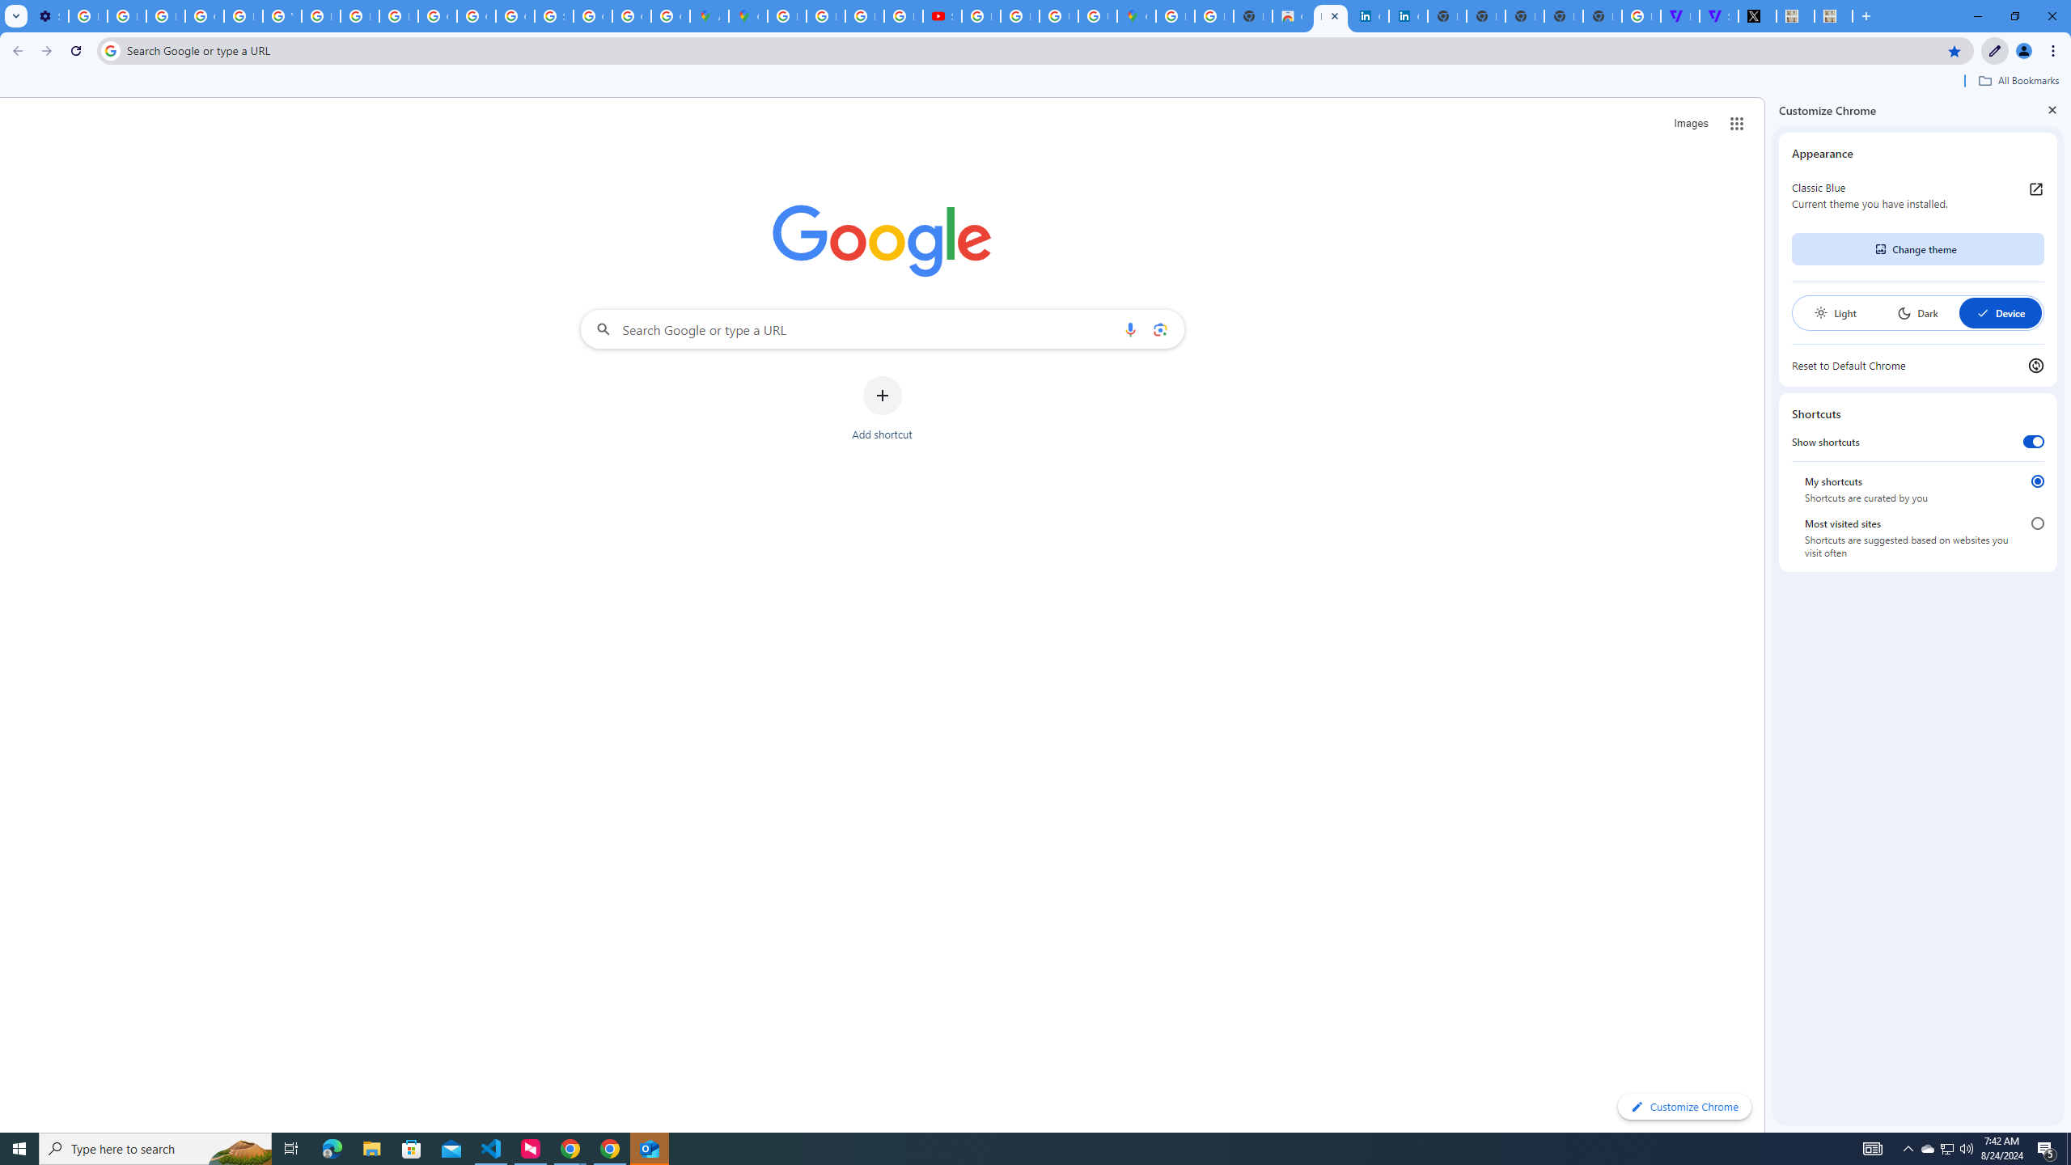  I want to click on 'Subscriptions - YouTube', so click(941, 15).